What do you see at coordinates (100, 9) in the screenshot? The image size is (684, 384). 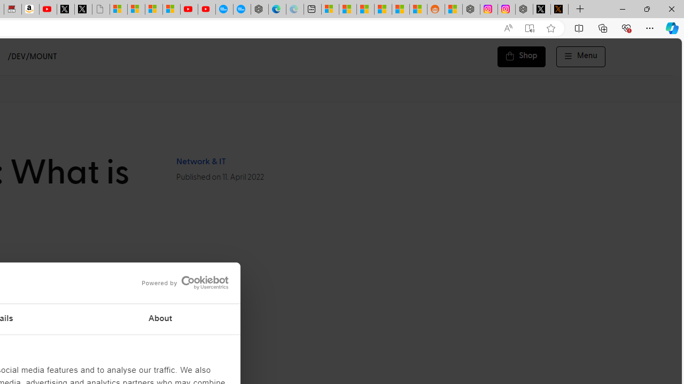 I see `'Untitled'` at bounding box center [100, 9].